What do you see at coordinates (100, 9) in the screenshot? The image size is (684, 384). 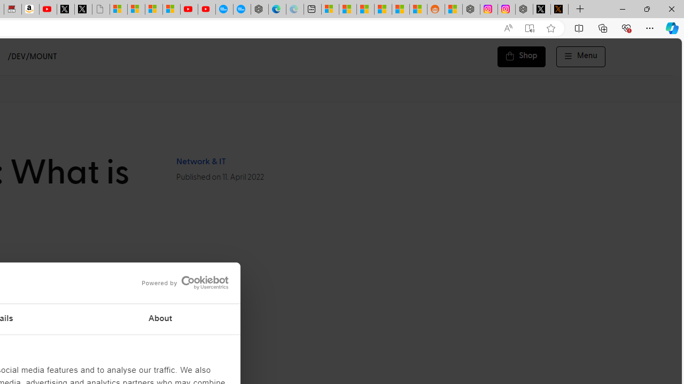 I see `'Untitled'` at bounding box center [100, 9].